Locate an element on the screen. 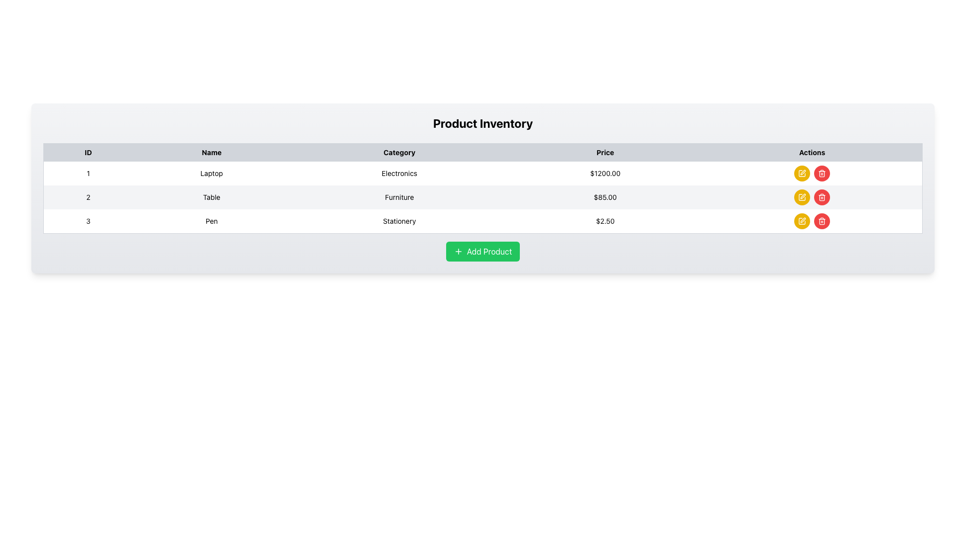 The height and width of the screenshot is (537, 956). the edit button located in the 'Actions' column of the second row in the table is located at coordinates (802, 197).